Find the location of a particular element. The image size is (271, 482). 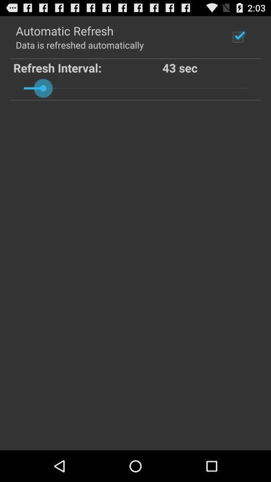

refresh interval: is located at coordinates (88, 67).